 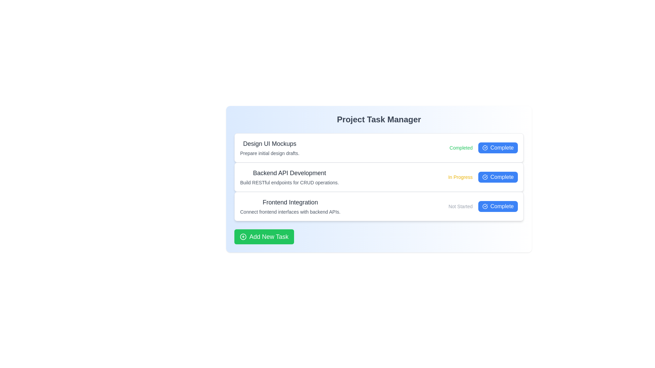 What do you see at coordinates (498, 148) in the screenshot?
I see `'Complete' button for the task 'Design UI Mockups'` at bounding box center [498, 148].